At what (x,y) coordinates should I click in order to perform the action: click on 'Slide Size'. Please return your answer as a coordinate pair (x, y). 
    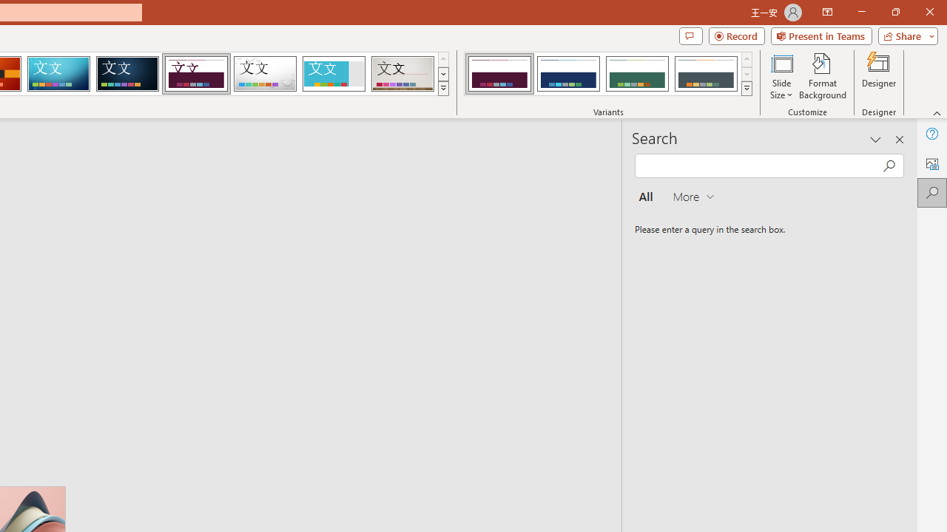
    Looking at the image, I should click on (781, 76).